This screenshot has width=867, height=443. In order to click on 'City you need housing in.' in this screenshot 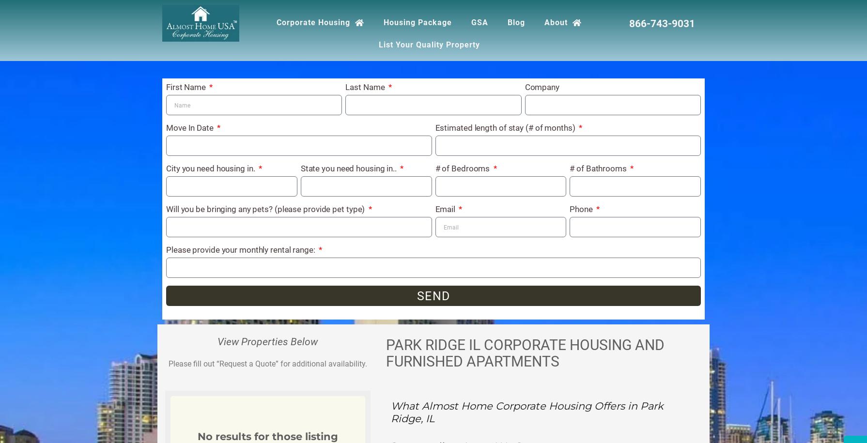, I will do `click(211, 168)`.